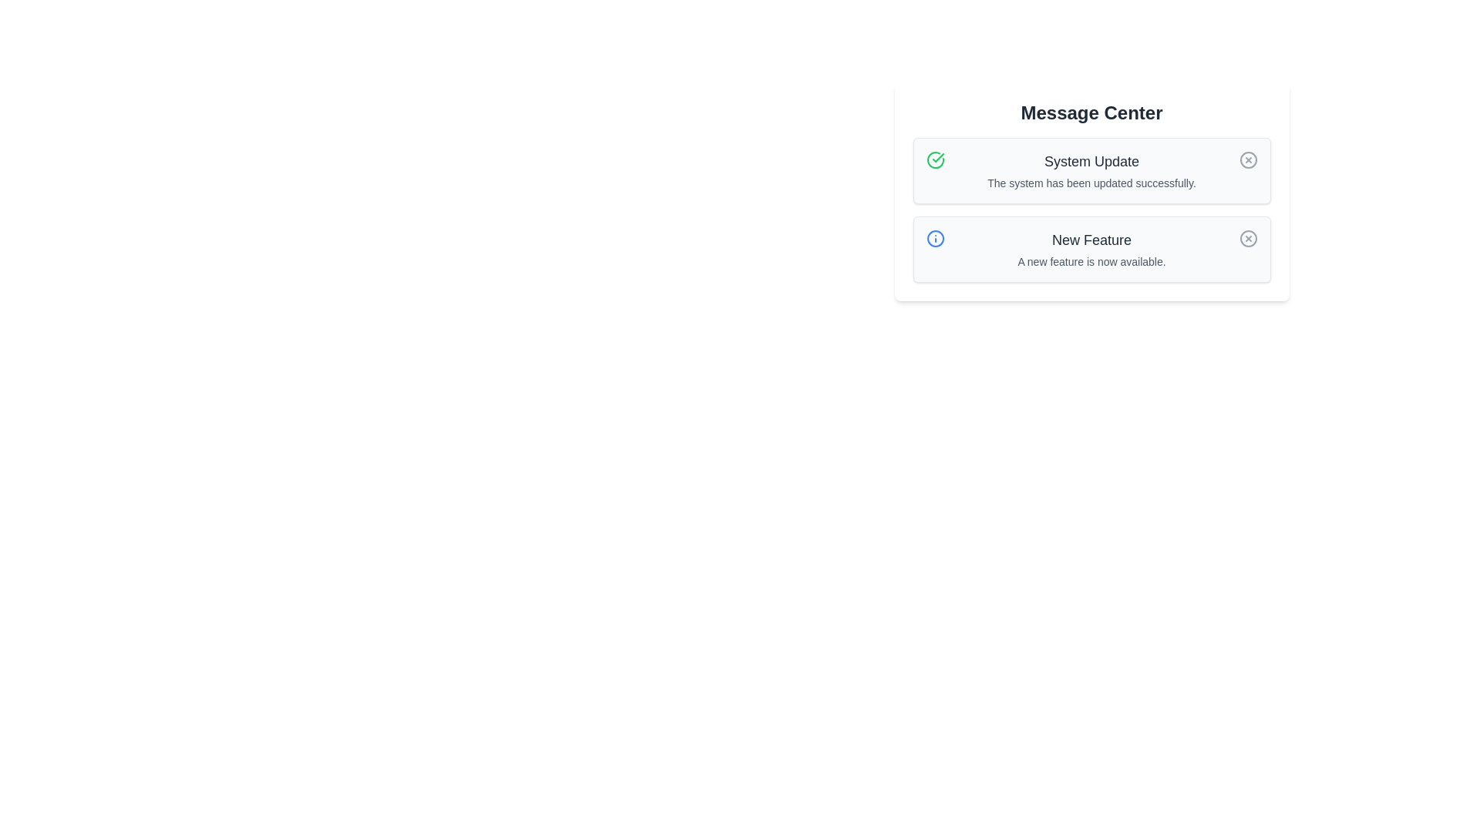  What do you see at coordinates (934, 160) in the screenshot?
I see `the circular green icon with a checkmark located at the top-left corner of the 'System Update' notification box, positioned directly to the left of the 'System Update' text` at bounding box center [934, 160].